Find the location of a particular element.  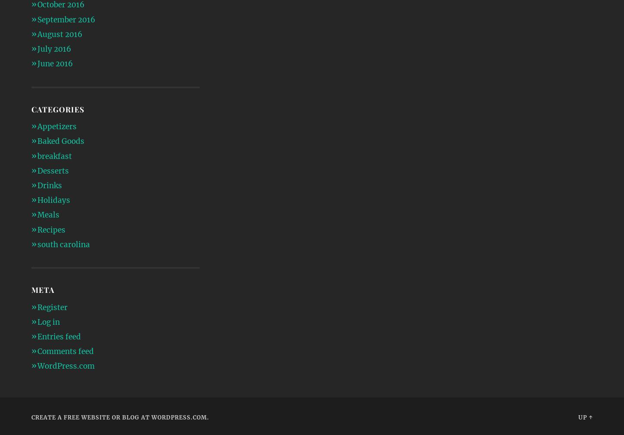

'Up ↑' is located at coordinates (584, 416).